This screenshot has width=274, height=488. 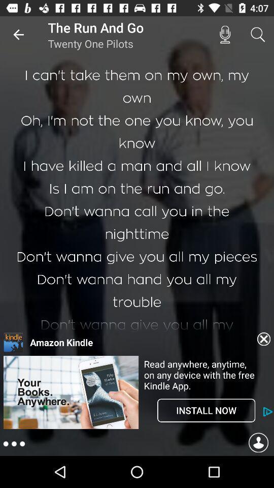 What do you see at coordinates (13, 443) in the screenshot?
I see `settings` at bounding box center [13, 443].